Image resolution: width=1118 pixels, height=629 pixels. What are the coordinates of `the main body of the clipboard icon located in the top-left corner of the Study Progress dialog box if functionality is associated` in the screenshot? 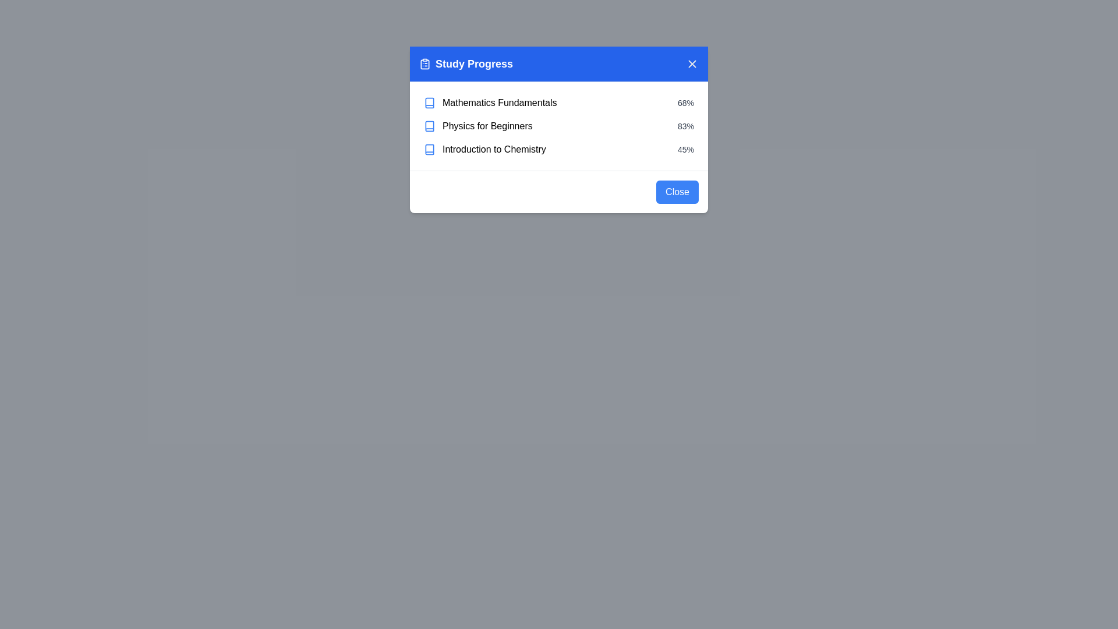 It's located at (424, 64).